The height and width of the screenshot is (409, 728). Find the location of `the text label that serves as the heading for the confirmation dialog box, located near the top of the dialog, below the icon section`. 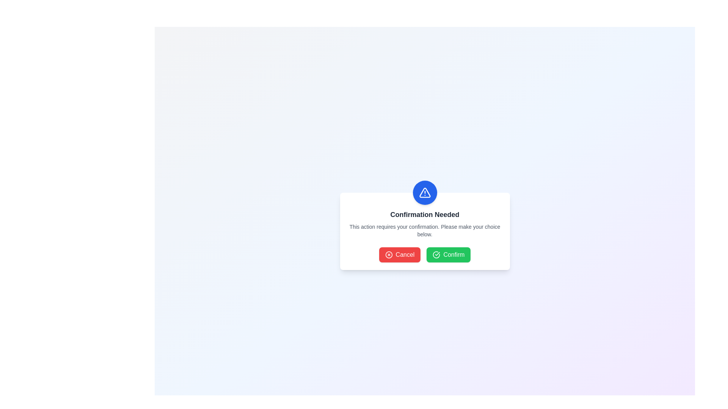

the text label that serves as the heading for the confirmation dialog box, located near the top of the dialog, below the icon section is located at coordinates (425, 215).